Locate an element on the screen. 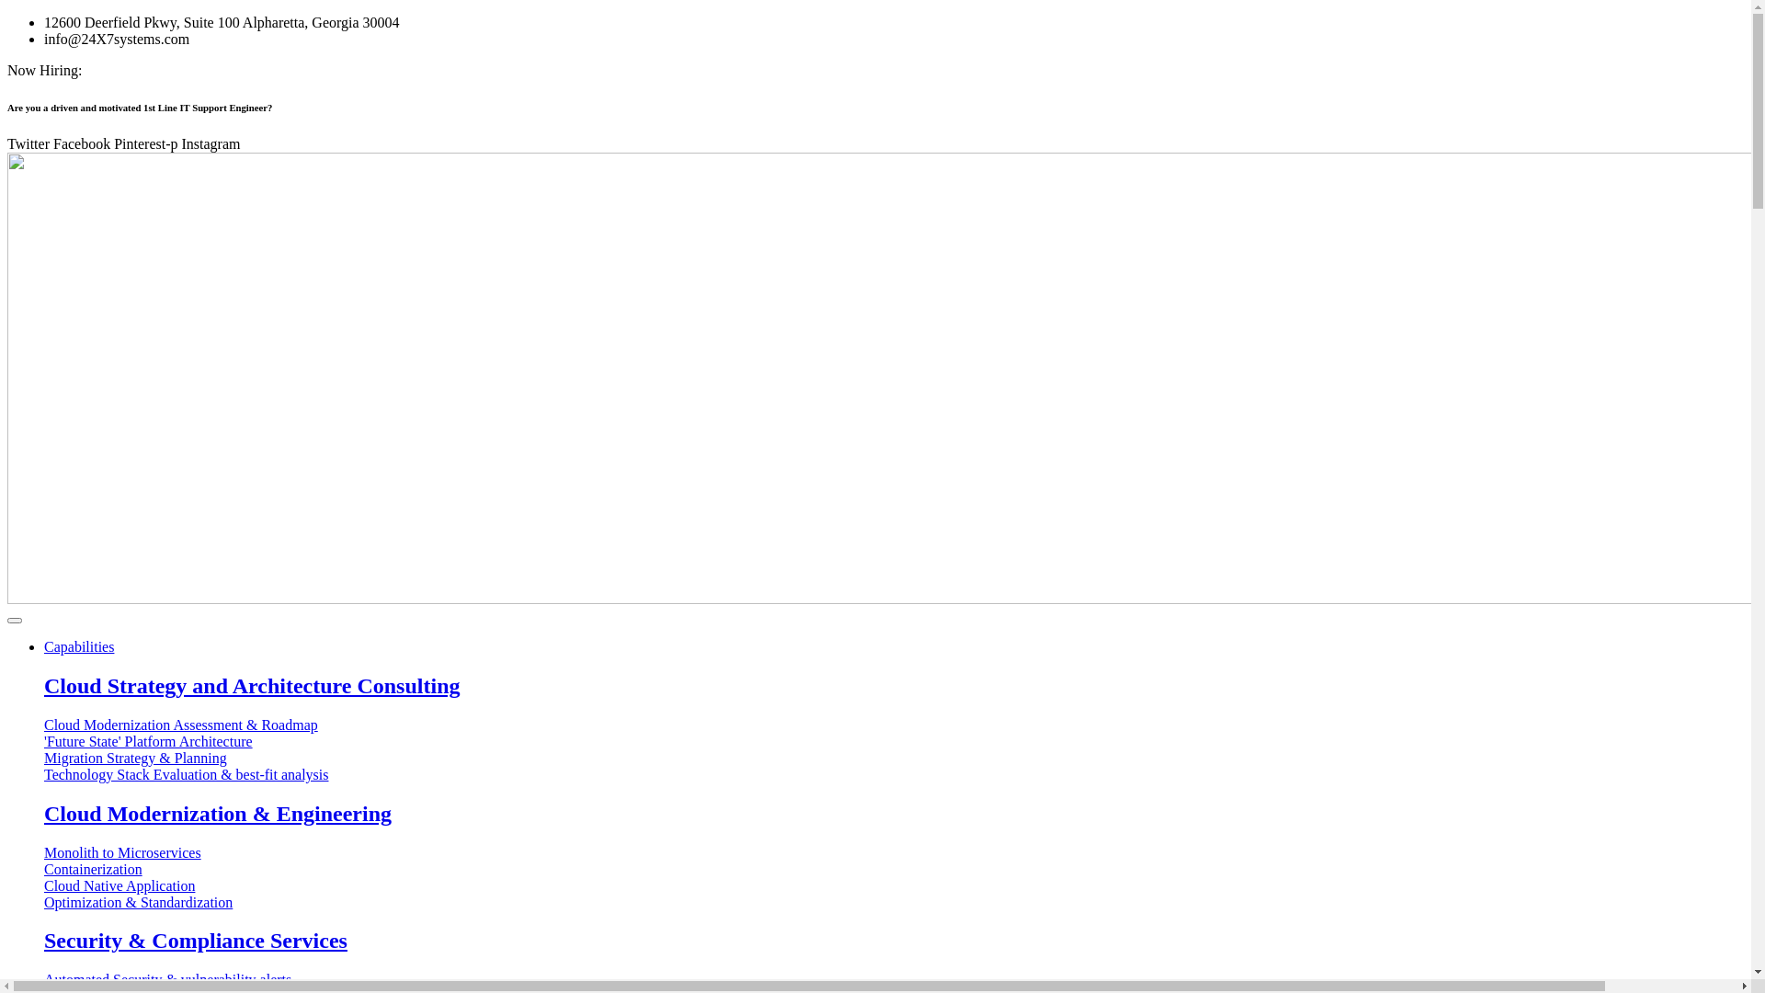 Image resolution: width=1765 pixels, height=993 pixels. 'Migration Strategy & Planning' is located at coordinates (44, 759).